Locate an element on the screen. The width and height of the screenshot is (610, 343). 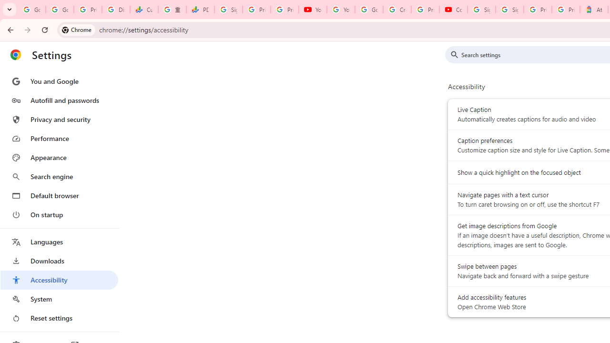
'Downloads' is located at coordinates (59, 261).